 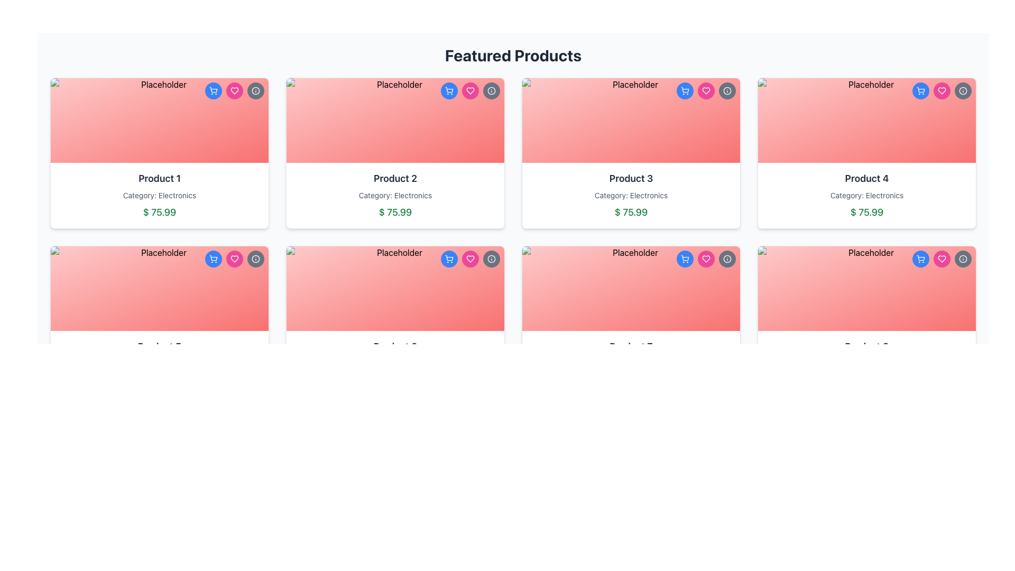 What do you see at coordinates (469, 259) in the screenshot?
I see `the heart icon button located in the top-right corner of the 'Product 2' card` at bounding box center [469, 259].